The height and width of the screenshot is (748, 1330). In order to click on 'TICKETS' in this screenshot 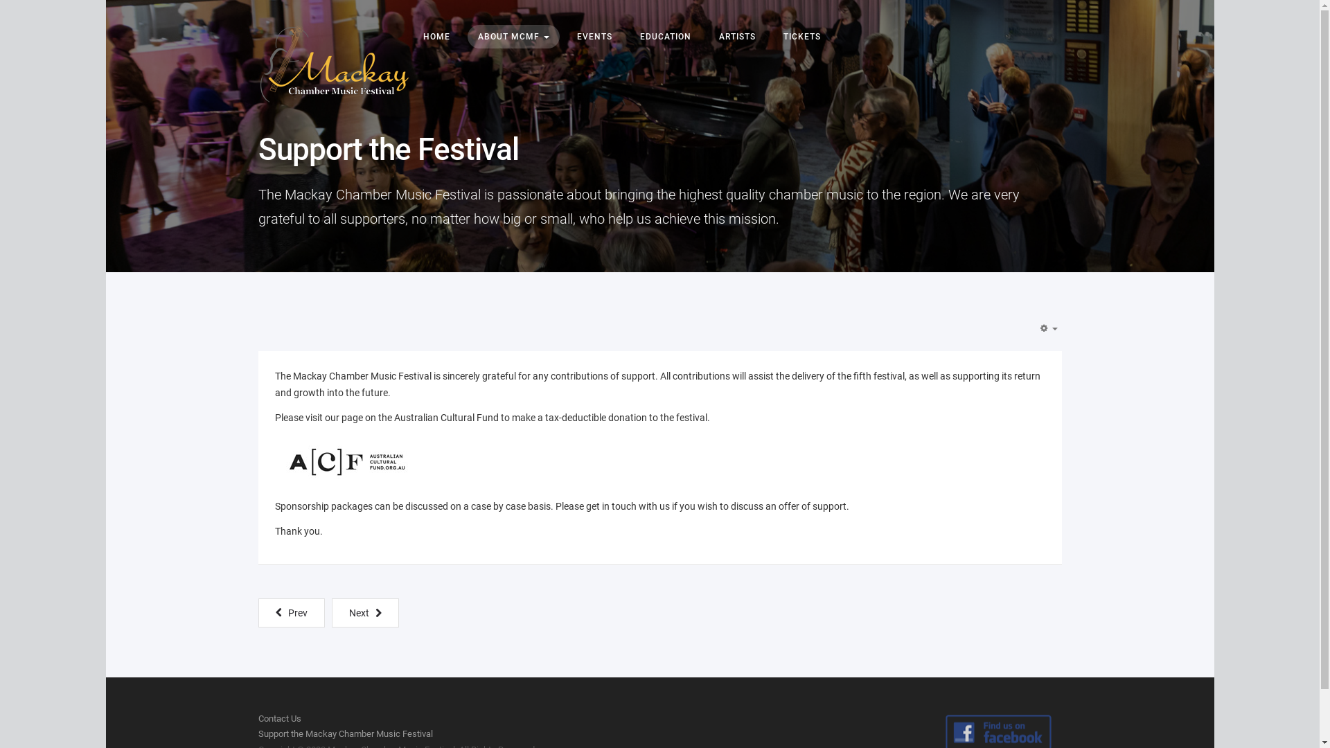, I will do `click(801, 36)`.